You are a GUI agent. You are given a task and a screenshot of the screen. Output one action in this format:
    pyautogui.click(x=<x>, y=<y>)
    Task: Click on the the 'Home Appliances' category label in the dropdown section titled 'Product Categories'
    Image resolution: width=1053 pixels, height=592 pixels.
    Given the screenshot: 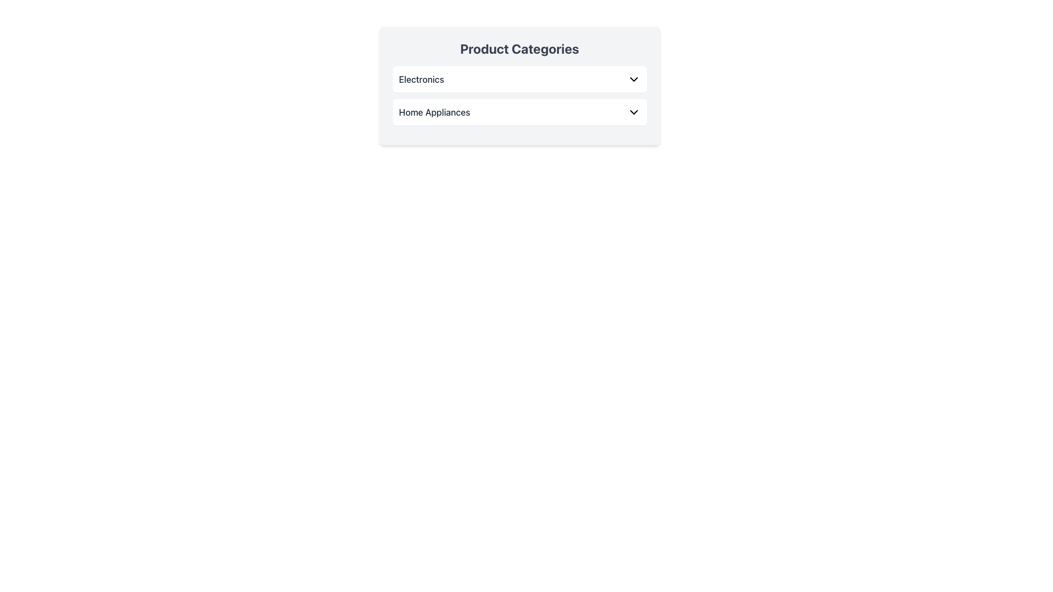 What is the action you would take?
    pyautogui.click(x=434, y=112)
    